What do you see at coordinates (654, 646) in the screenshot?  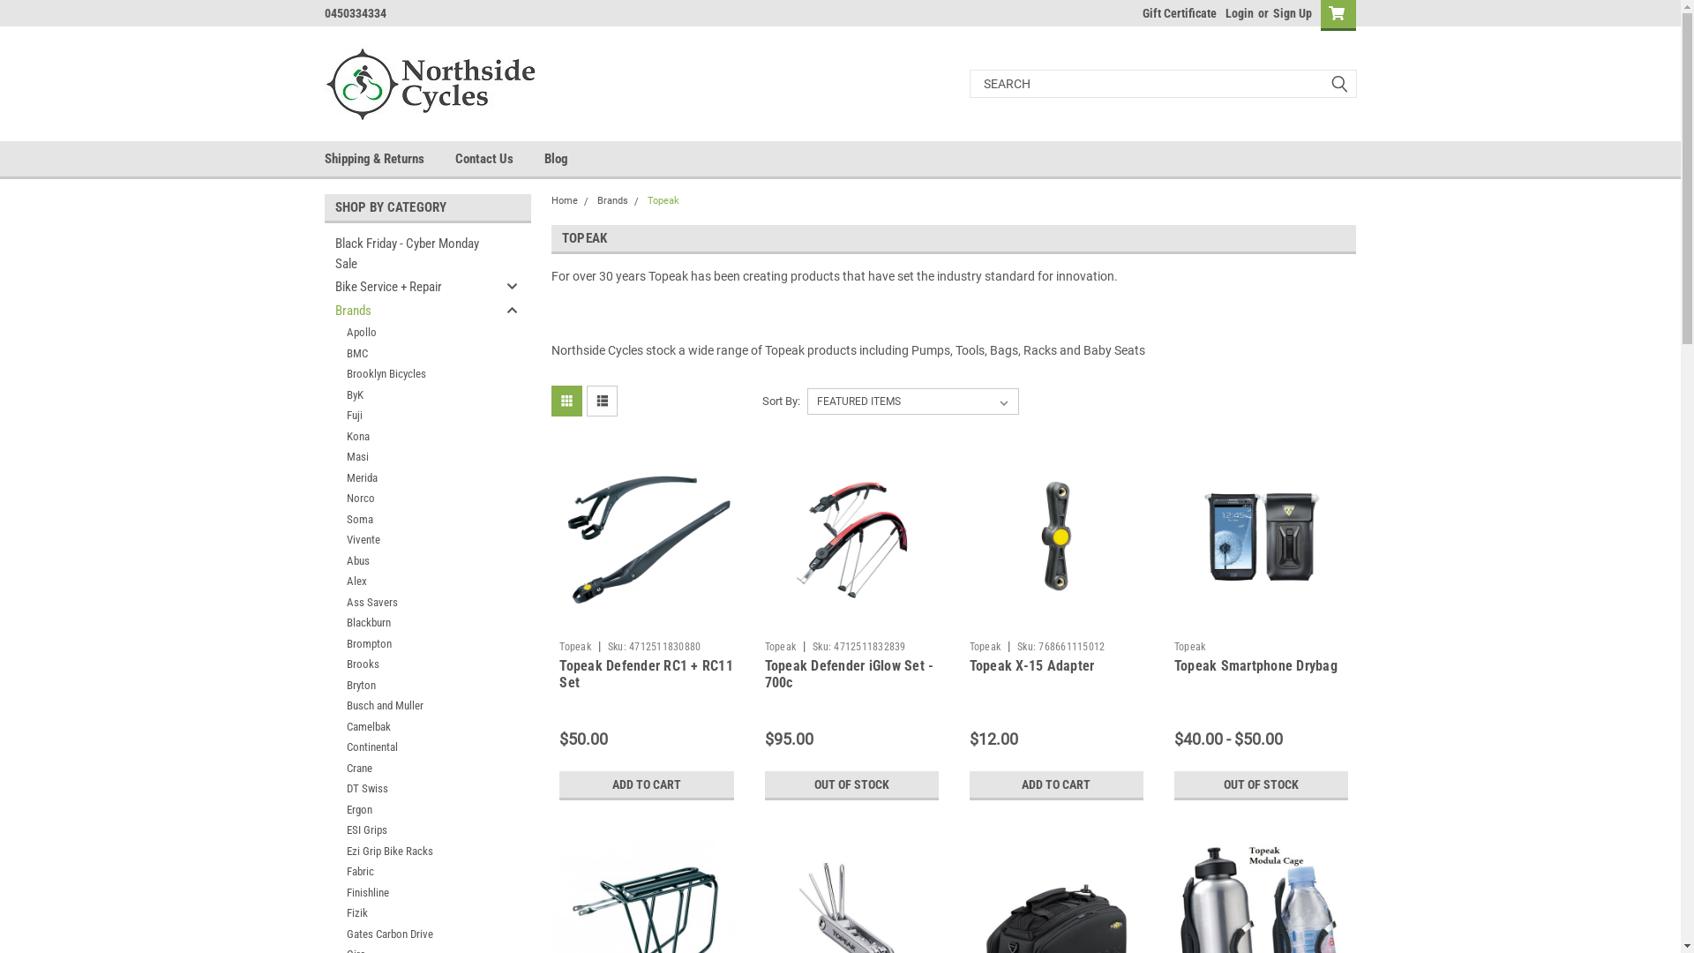 I see `'Sku: 4712511830880'` at bounding box center [654, 646].